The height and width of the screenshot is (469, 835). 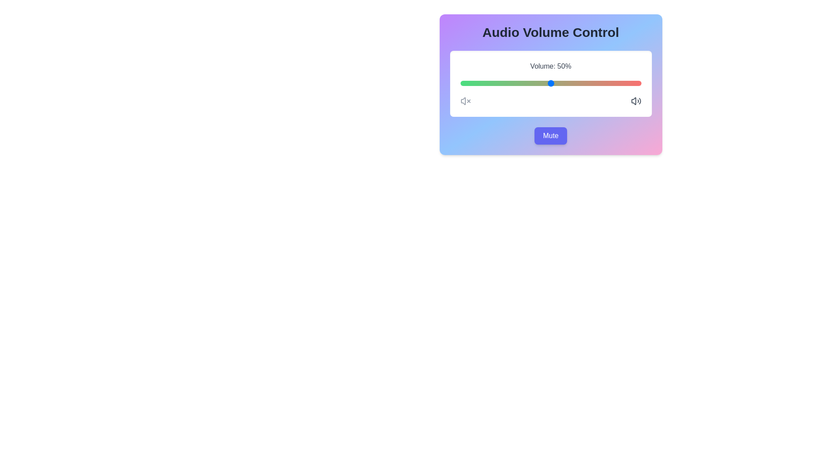 I want to click on the volume slider to 73%, so click(x=592, y=83).